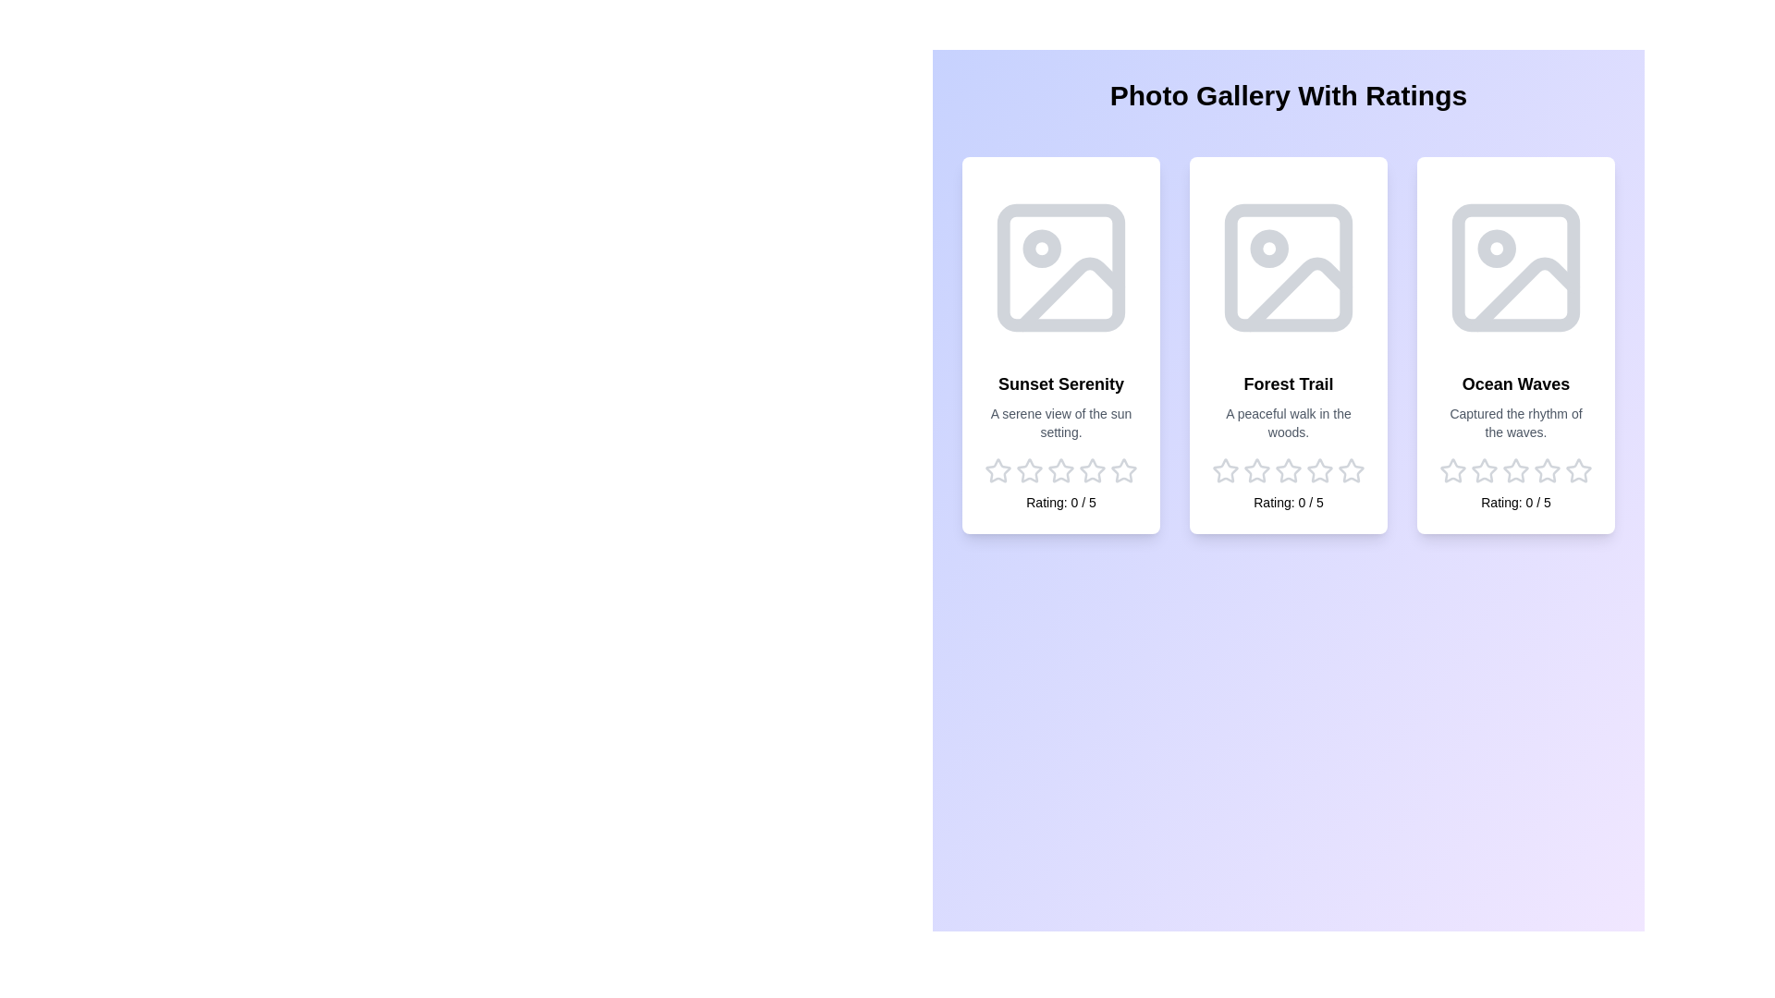 This screenshot has height=998, width=1775. What do you see at coordinates (1122, 469) in the screenshot?
I see `the star corresponding to the rating 5 for the image Sunset Serenity` at bounding box center [1122, 469].